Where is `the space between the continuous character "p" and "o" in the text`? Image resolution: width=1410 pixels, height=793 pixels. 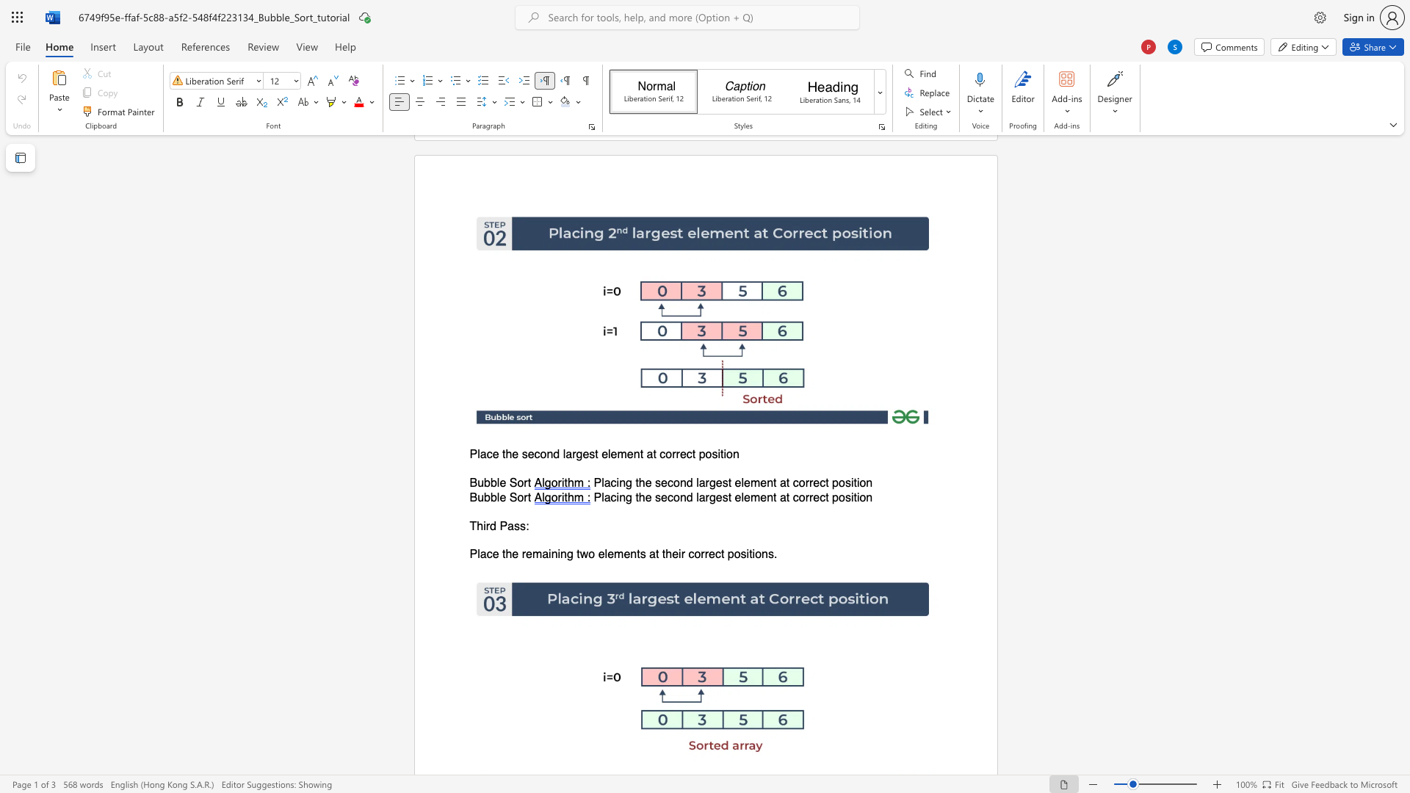
the space between the continuous character "p" and "o" in the text is located at coordinates (734, 554).